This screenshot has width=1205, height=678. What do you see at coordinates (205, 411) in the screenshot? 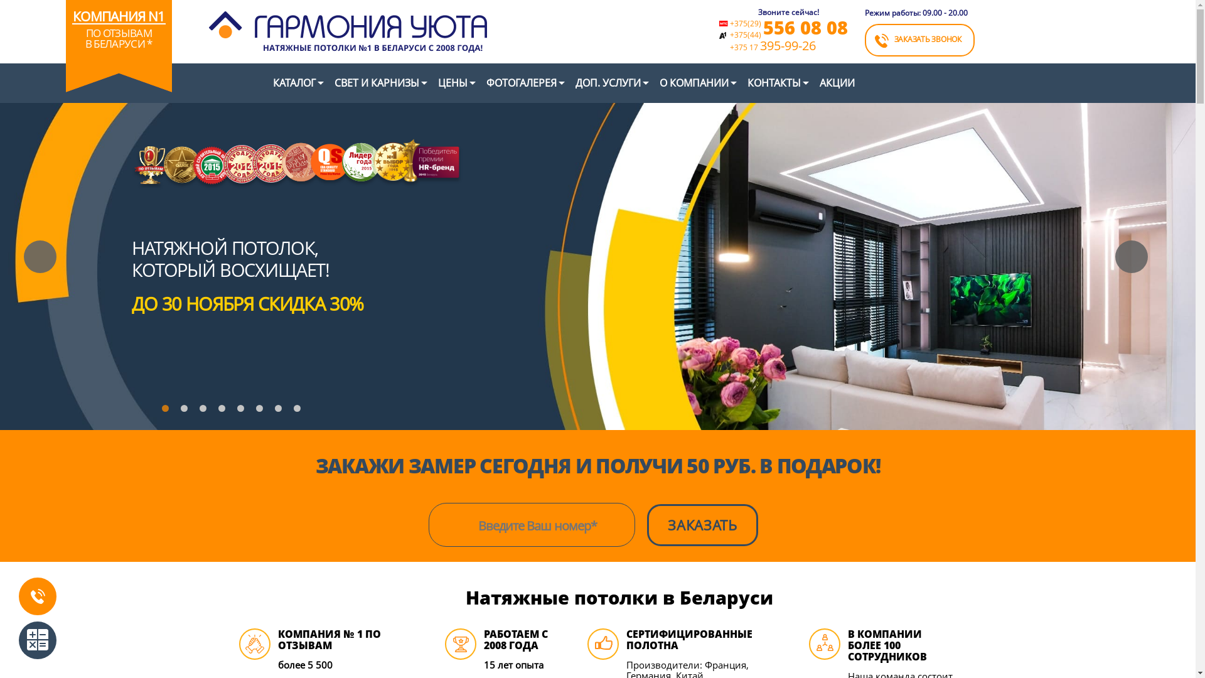
I see `'3'` at bounding box center [205, 411].